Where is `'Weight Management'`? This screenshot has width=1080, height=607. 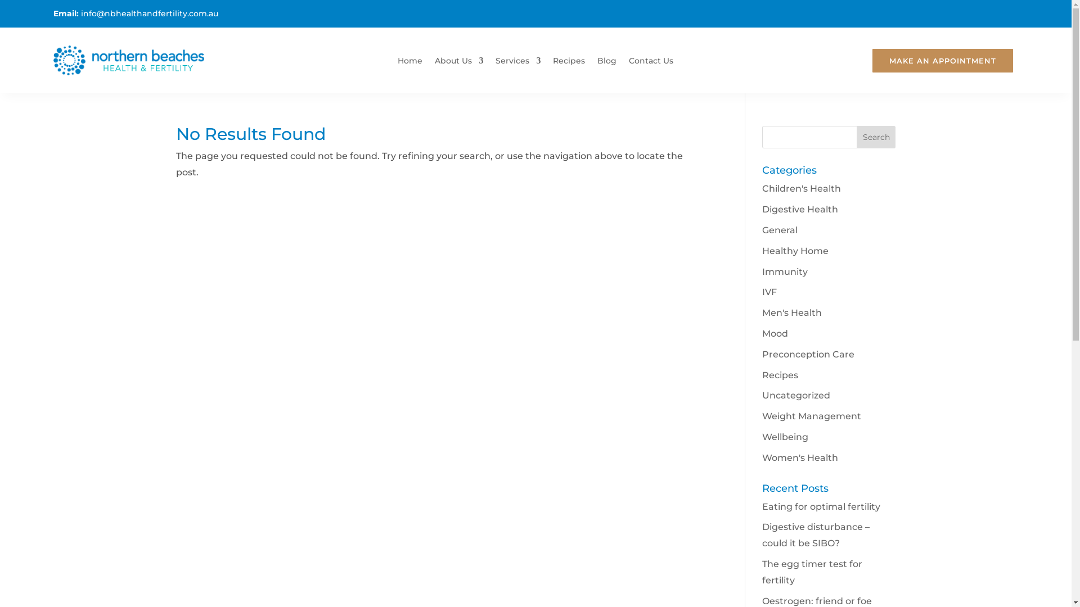
'Weight Management' is located at coordinates (812, 416).